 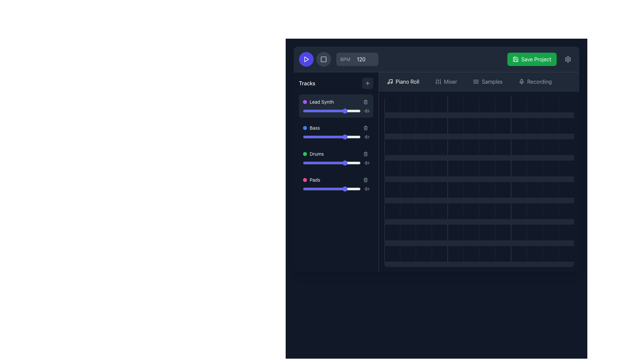 I want to click on the small square-shaped component with a plain dark background located in the first row and the eleventh column of the grid layout, so click(x=534, y=104).